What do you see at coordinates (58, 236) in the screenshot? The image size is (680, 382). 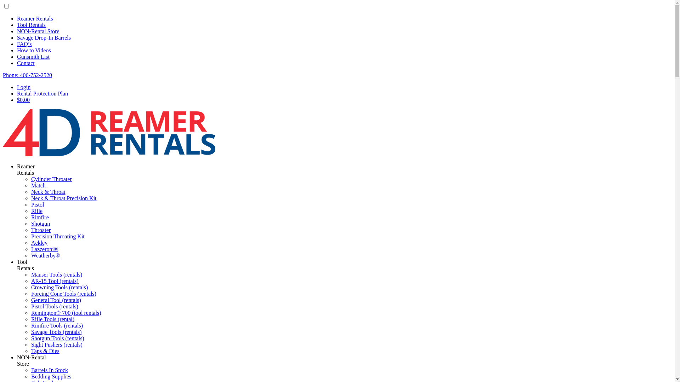 I see `'Precision Throating Kit'` at bounding box center [58, 236].